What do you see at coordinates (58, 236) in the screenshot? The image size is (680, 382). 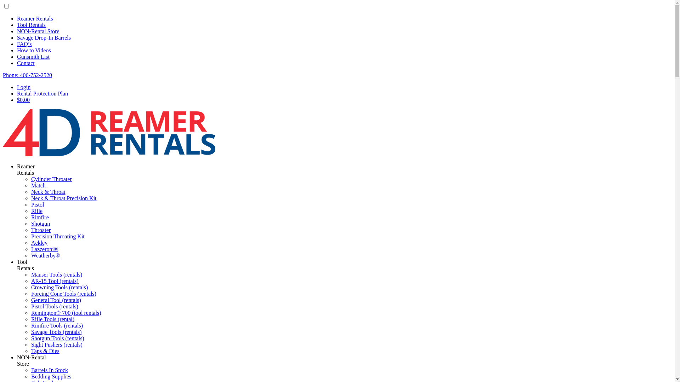 I see `'Precision Throating Kit'` at bounding box center [58, 236].